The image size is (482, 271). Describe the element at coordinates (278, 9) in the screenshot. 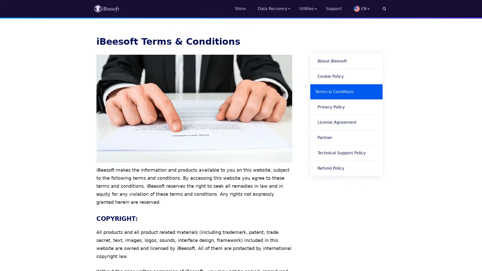

I see `products` at that location.